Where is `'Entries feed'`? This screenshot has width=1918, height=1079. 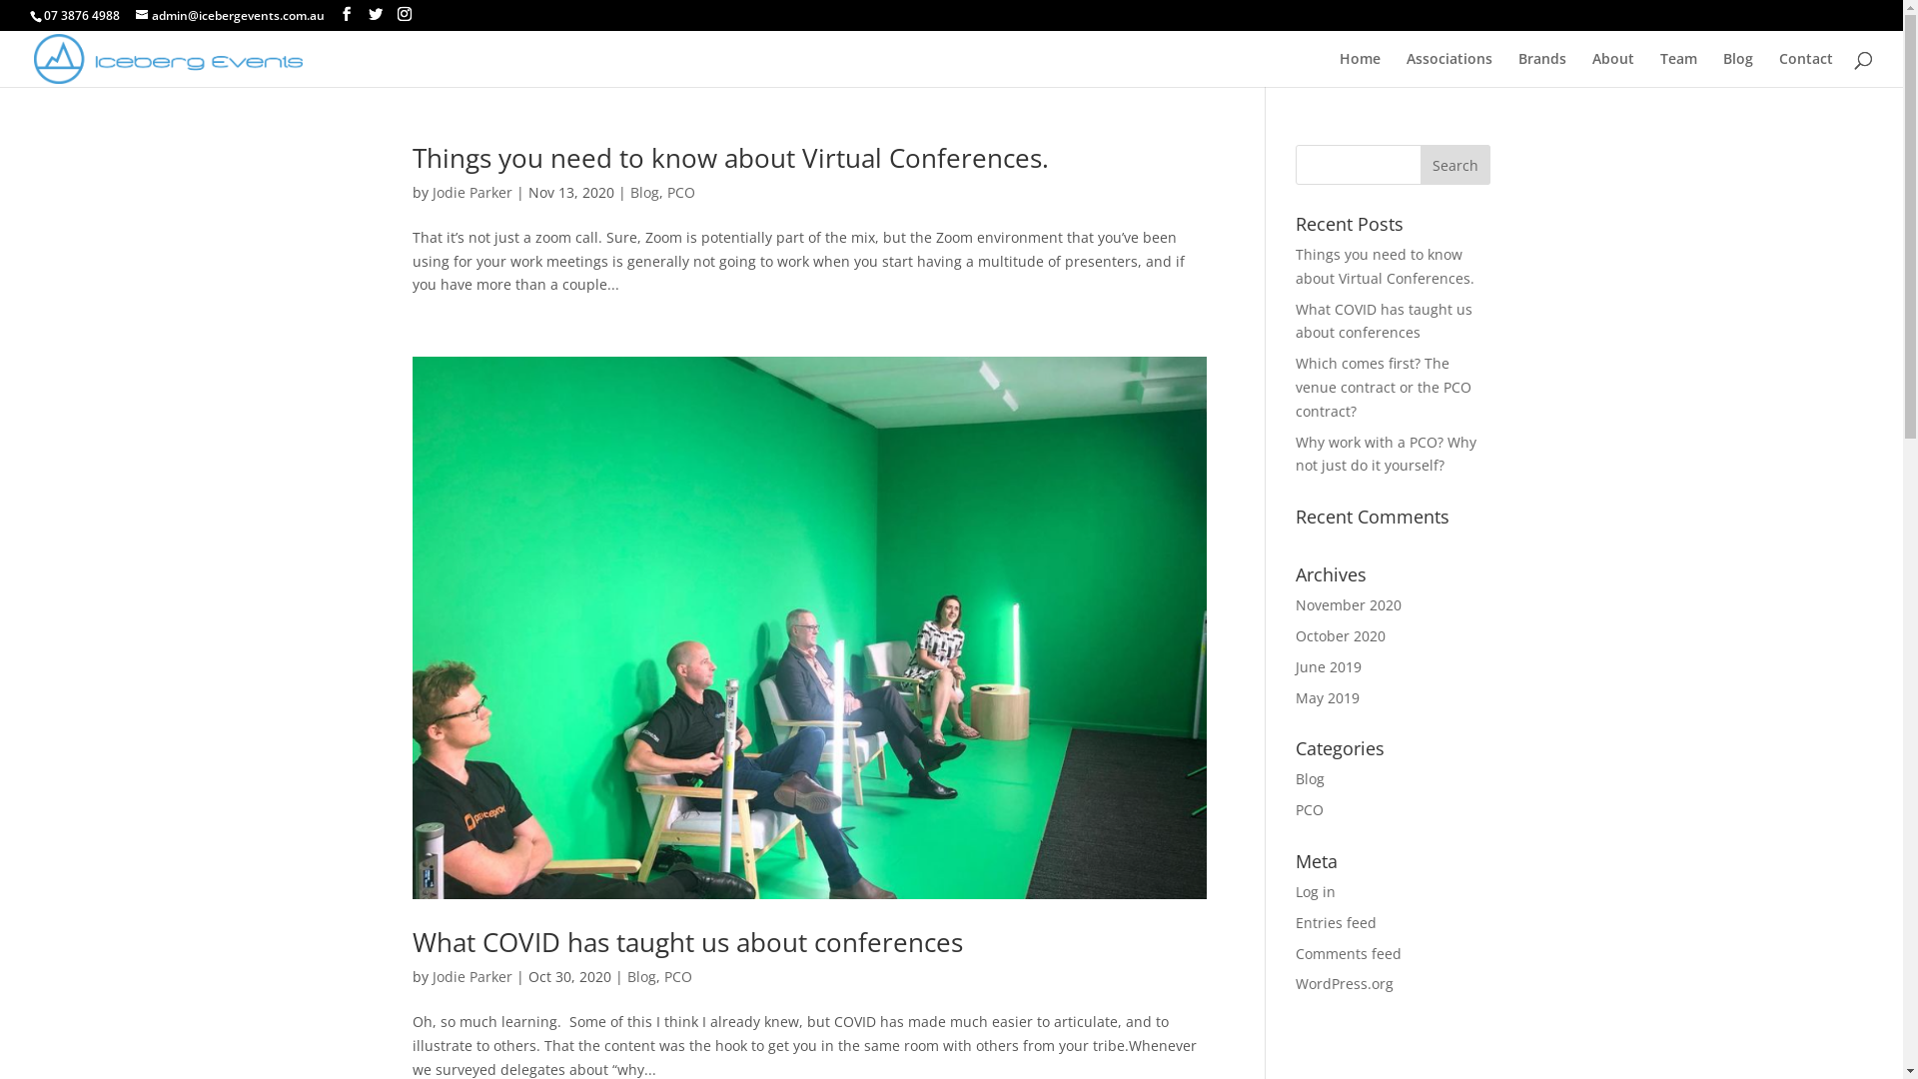
'Entries feed' is located at coordinates (1336, 922).